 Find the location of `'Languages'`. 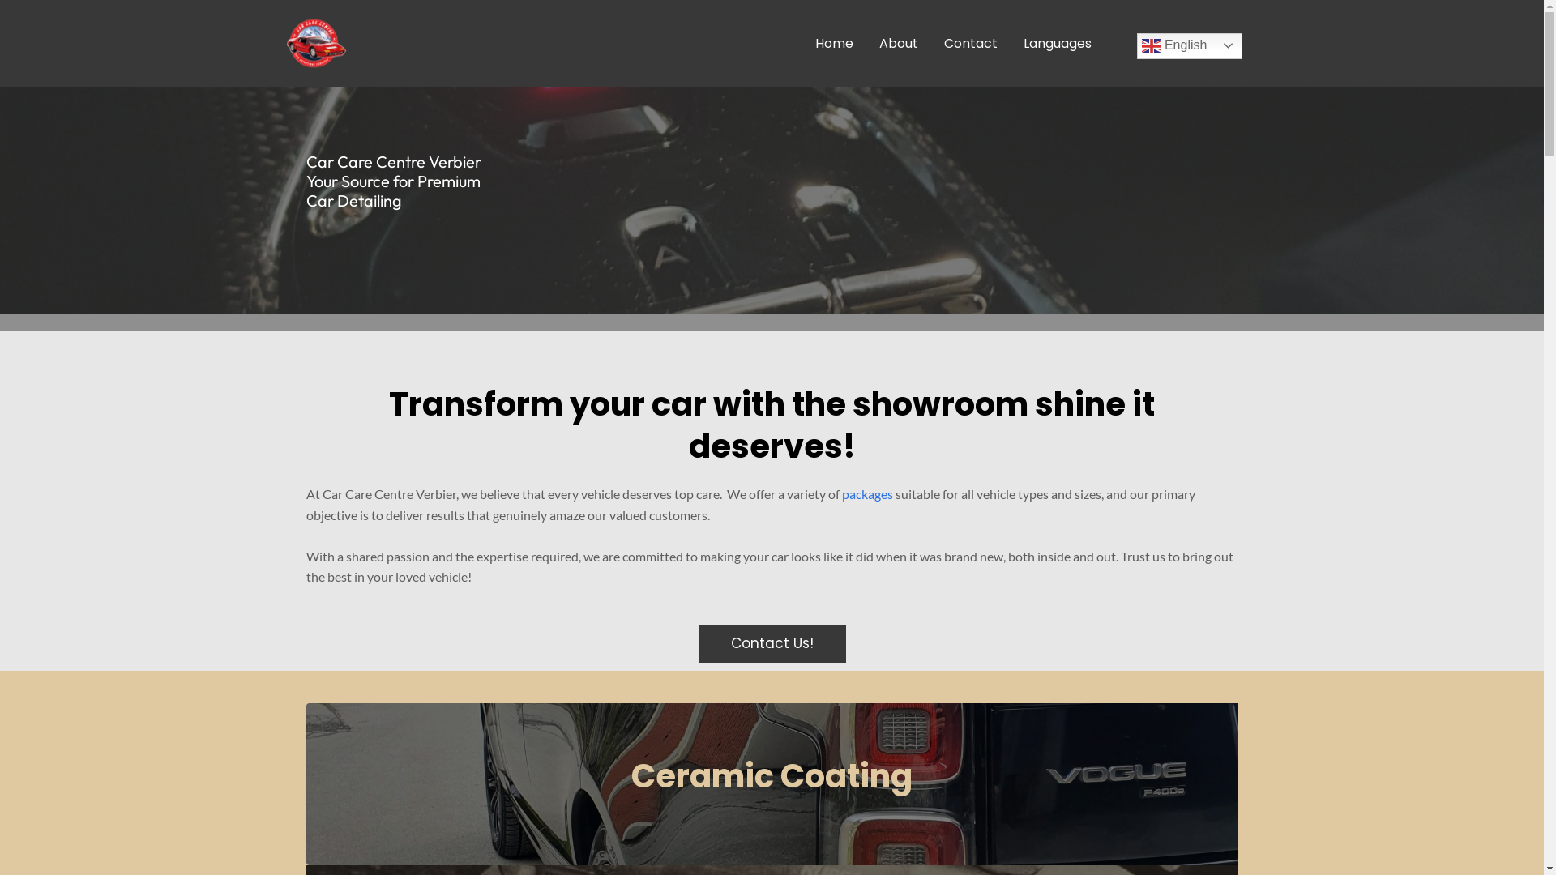

'Languages' is located at coordinates (1057, 42).